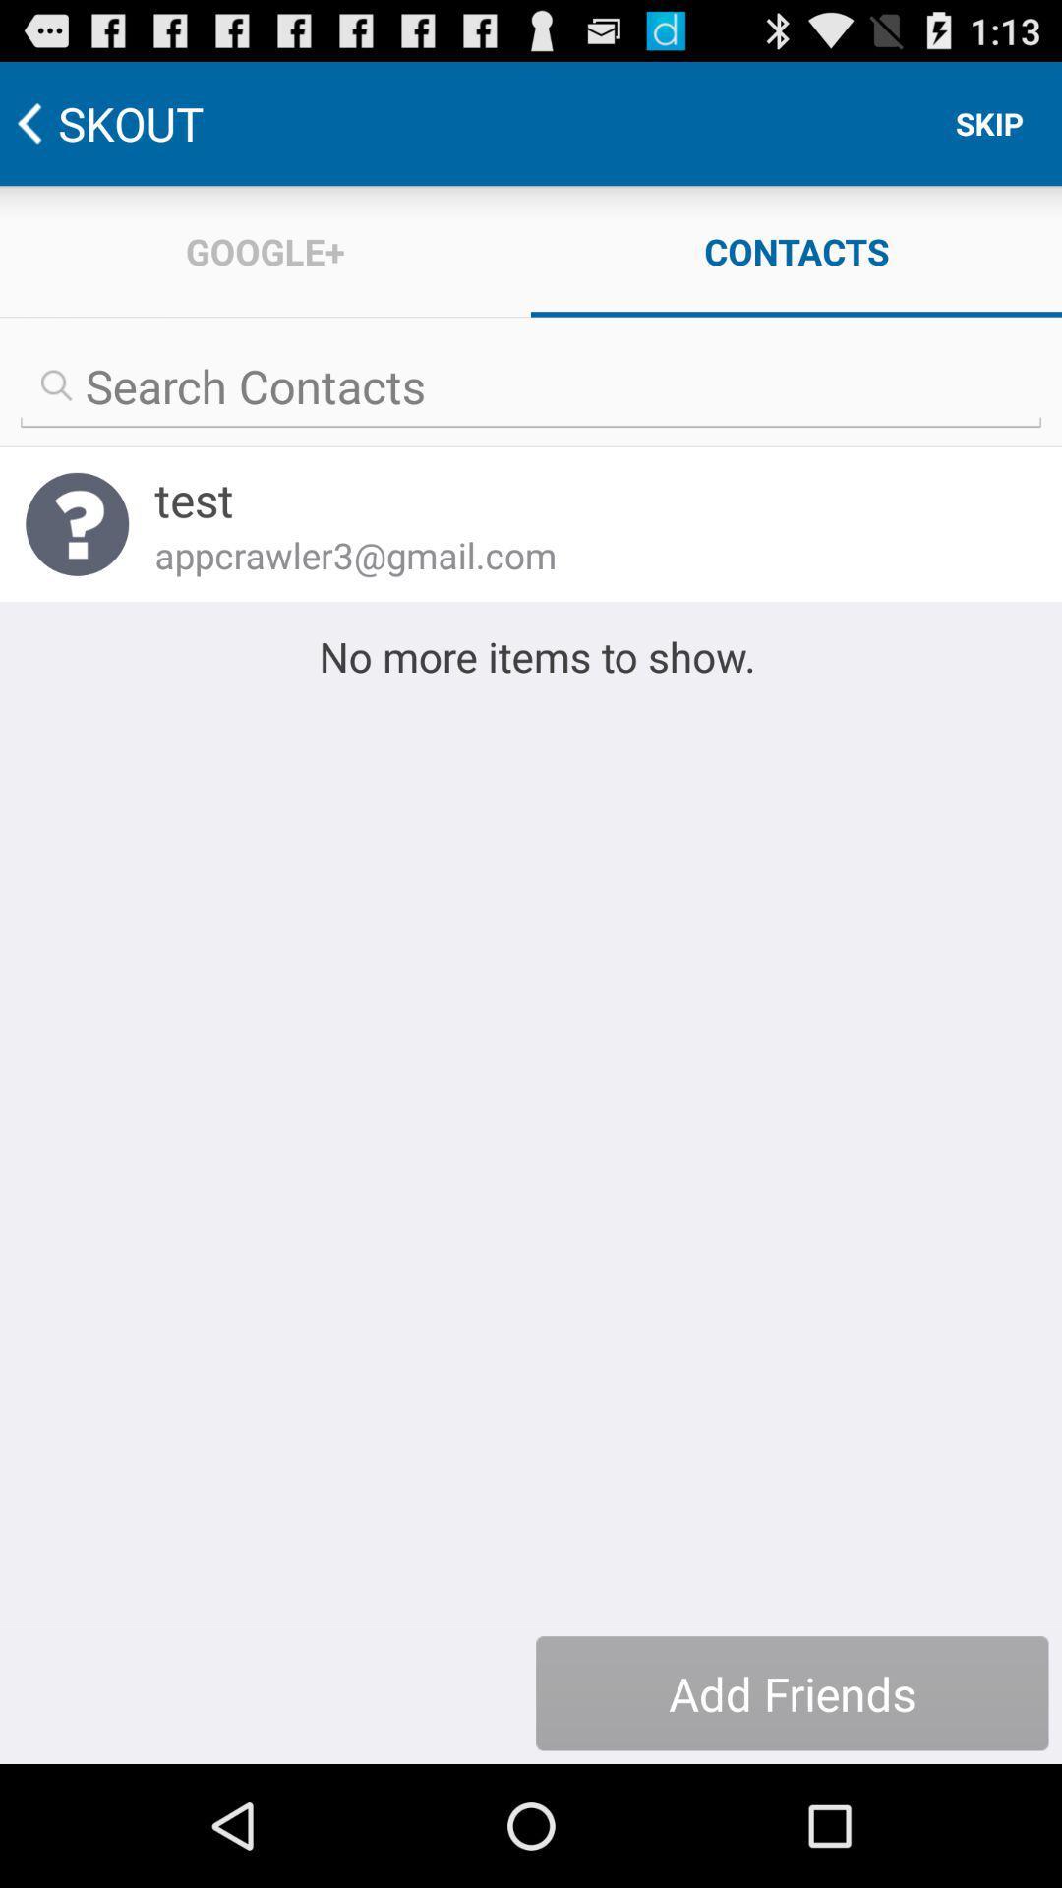 This screenshot has height=1888, width=1062. What do you see at coordinates (265, 250) in the screenshot?
I see `google+ item` at bounding box center [265, 250].